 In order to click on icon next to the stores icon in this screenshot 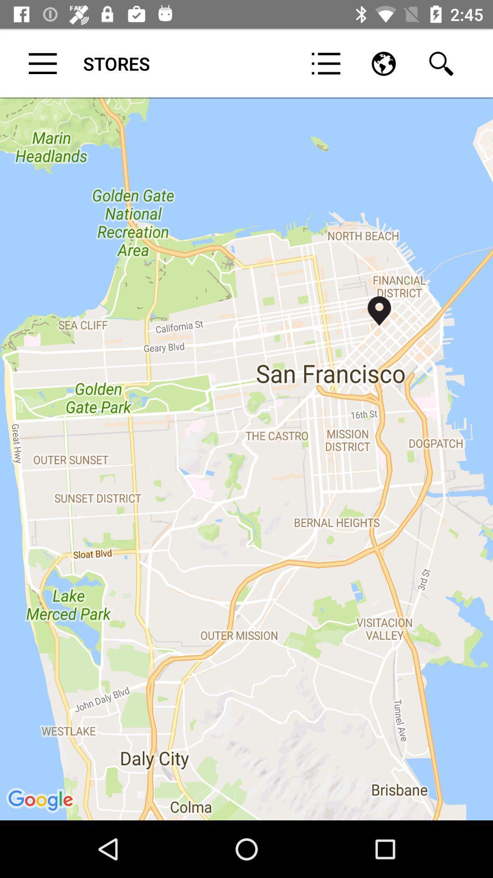, I will do `click(42, 63)`.